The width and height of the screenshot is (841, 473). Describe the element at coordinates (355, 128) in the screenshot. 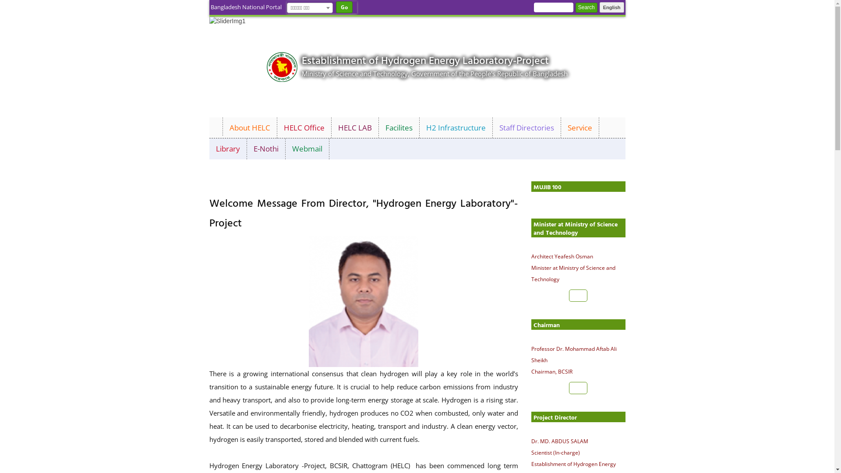

I see `'HELC LAB'` at that location.